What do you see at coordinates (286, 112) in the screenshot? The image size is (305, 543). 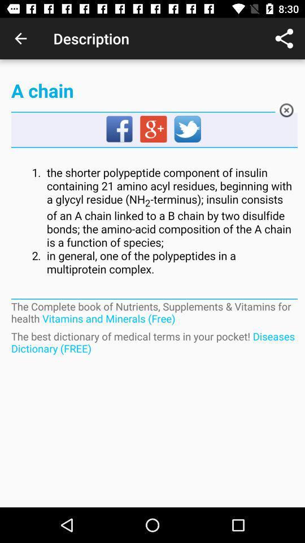 I see `button` at bounding box center [286, 112].